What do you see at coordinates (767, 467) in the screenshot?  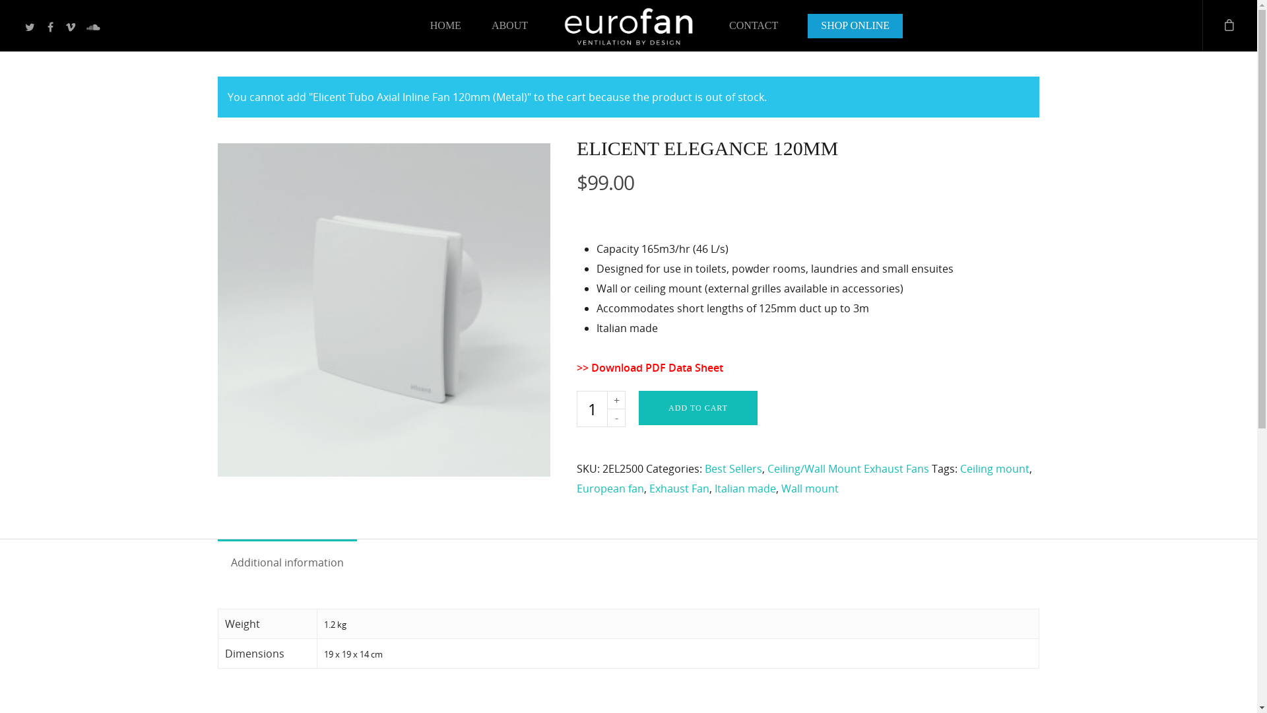 I see `'Ceiling/Wall Mount Exhaust Fans'` at bounding box center [767, 467].